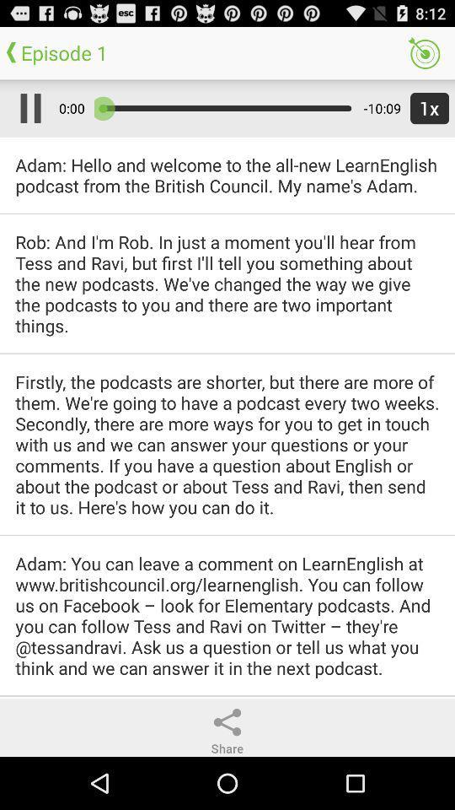  What do you see at coordinates (227, 443) in the screenshot?
I see `the app above the adam you can app` at bounding box center [227, 443].